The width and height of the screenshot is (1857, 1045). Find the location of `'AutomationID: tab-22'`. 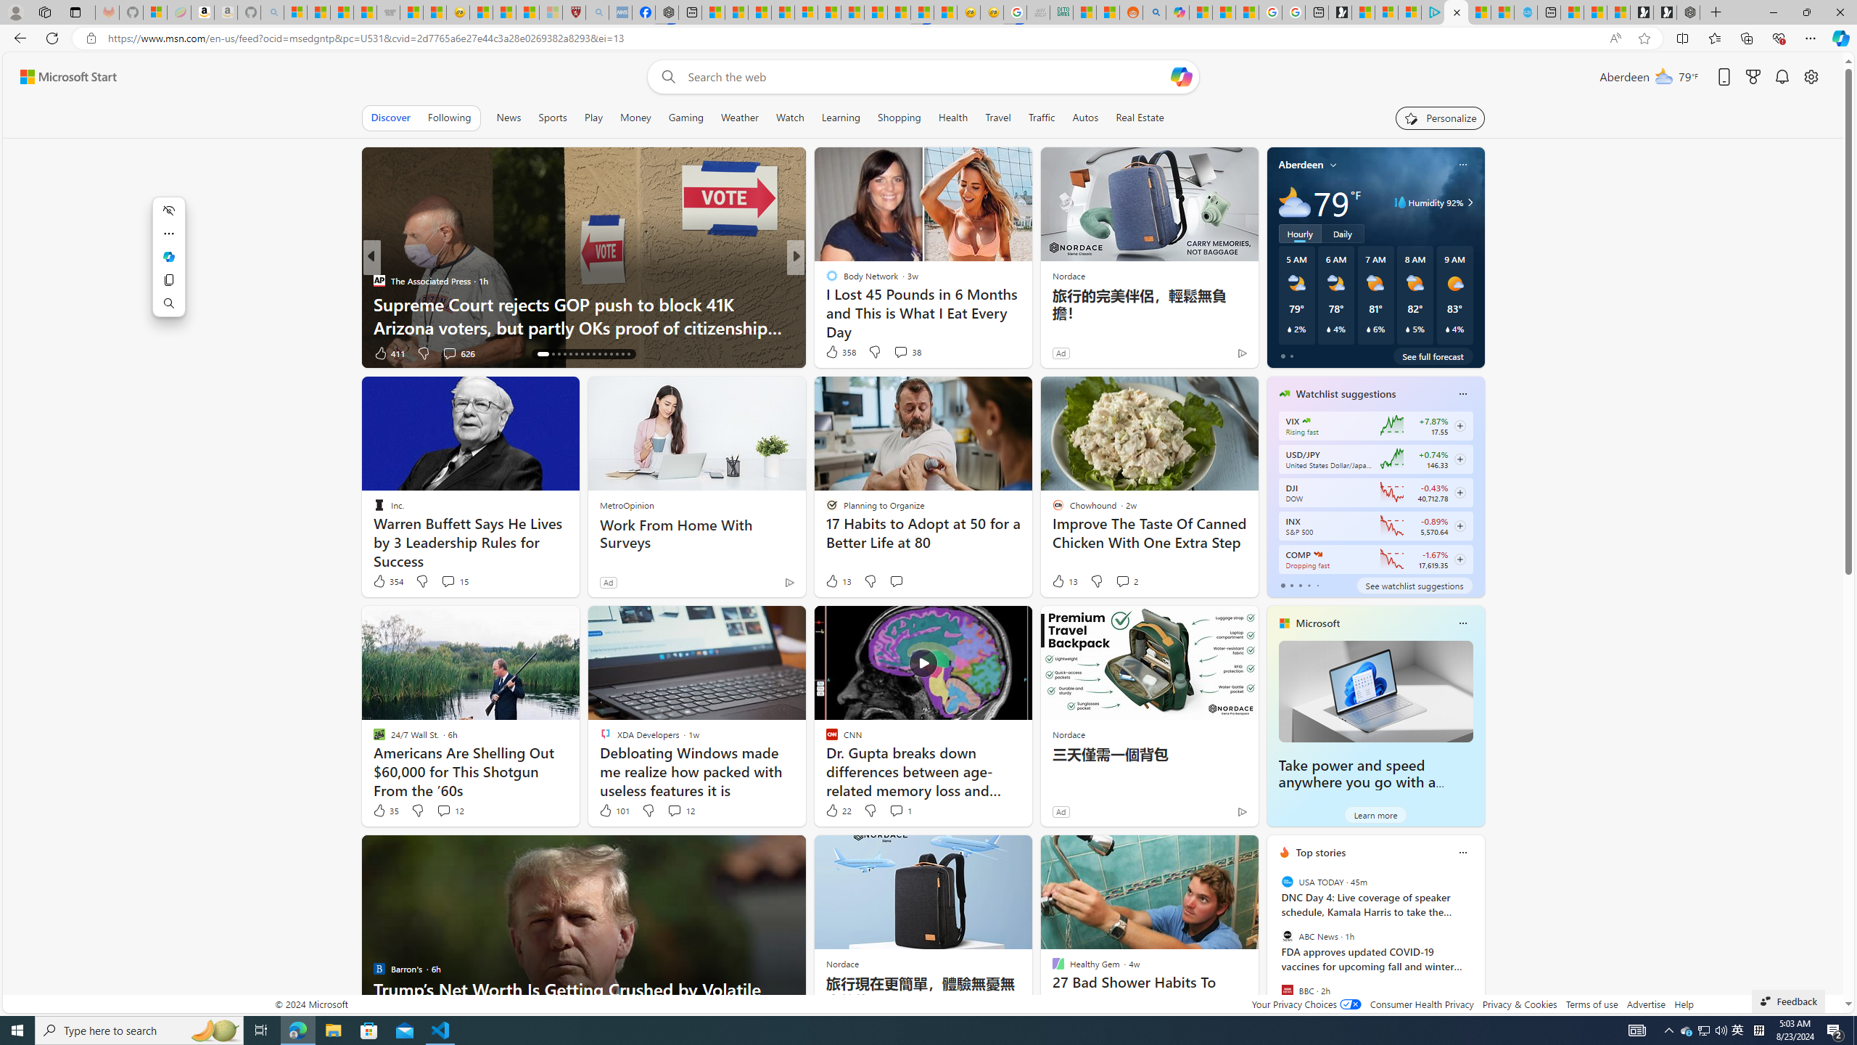

'AutomationID: tab-22' is located at coordinates (582, 353).